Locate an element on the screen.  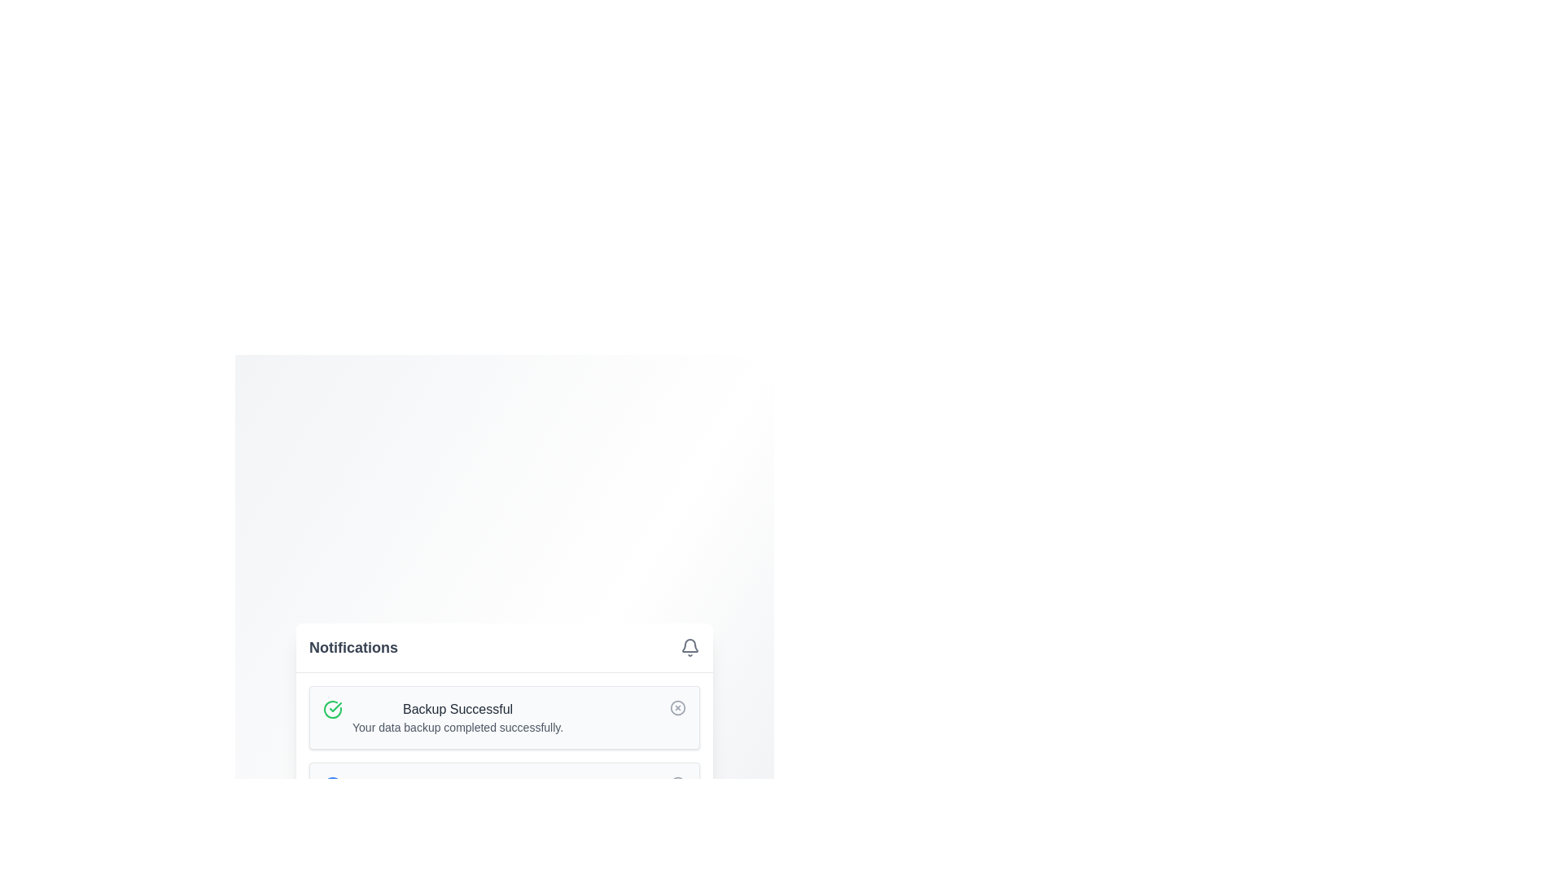
the notification bell icon located at the top-right corner of the 'Notifications' section, which has a gray outline and rounded edges is located at coordinates (690, 646).